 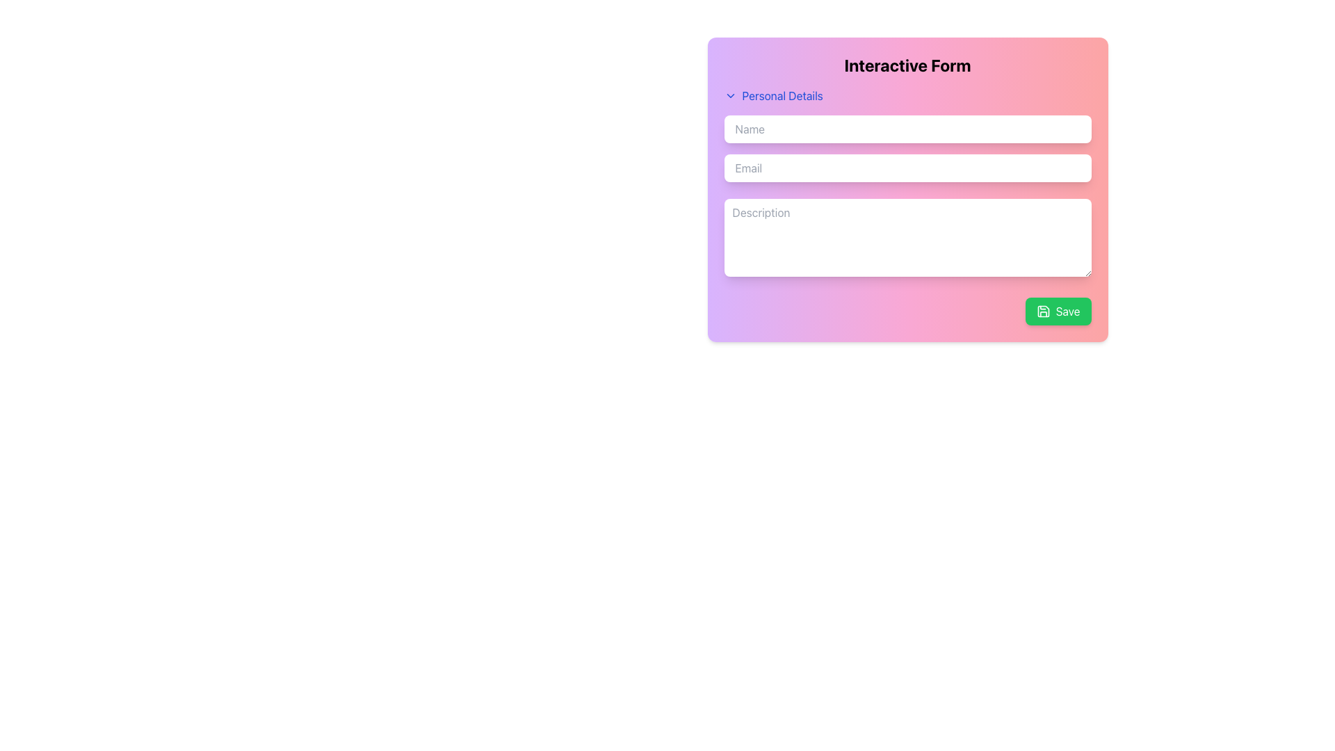 What do you see at coordinates (1043, 310) in the screenshot?
I see `the save icon, which is a line art floppy disk inside a green button labeled 'Save' at the bottom right corner of the pink gradient card interface` at bounding box center [1043, 310].